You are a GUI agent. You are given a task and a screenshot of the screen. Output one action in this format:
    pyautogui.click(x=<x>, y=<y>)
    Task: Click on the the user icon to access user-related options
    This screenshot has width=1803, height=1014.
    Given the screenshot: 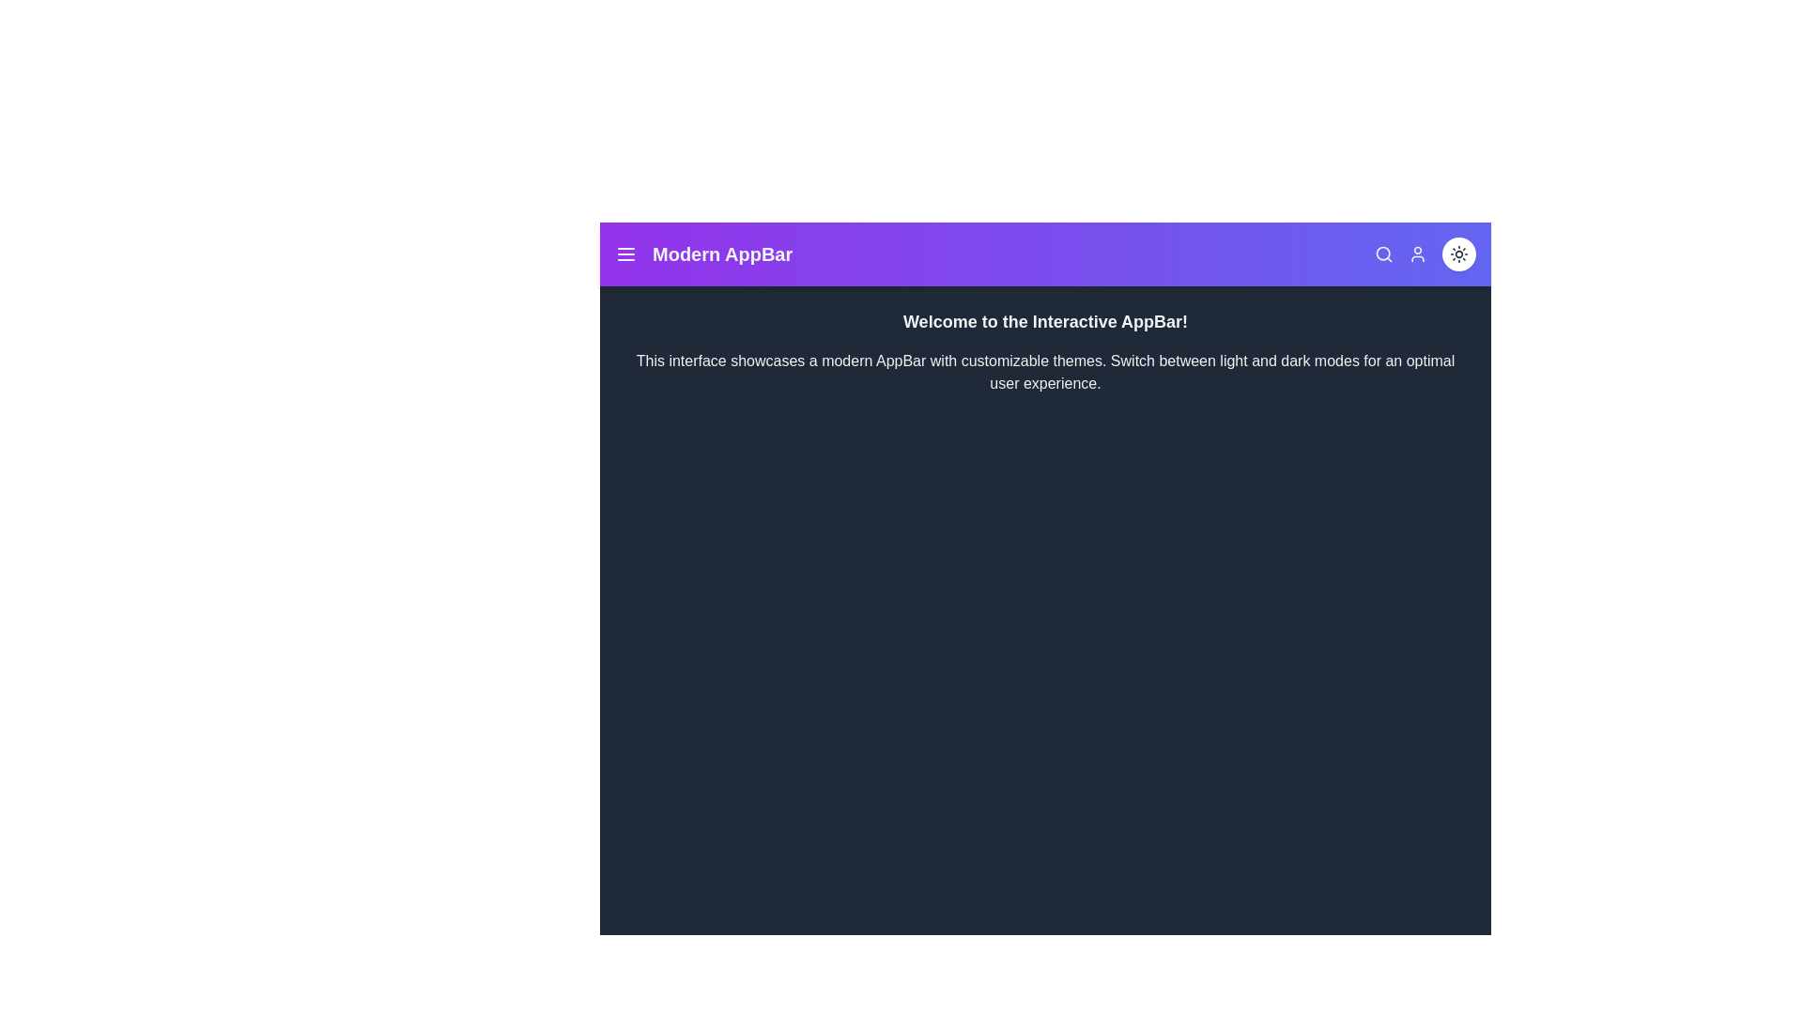 What is the action you would take?
    pyautogui.click(x=1418, y=253)
    